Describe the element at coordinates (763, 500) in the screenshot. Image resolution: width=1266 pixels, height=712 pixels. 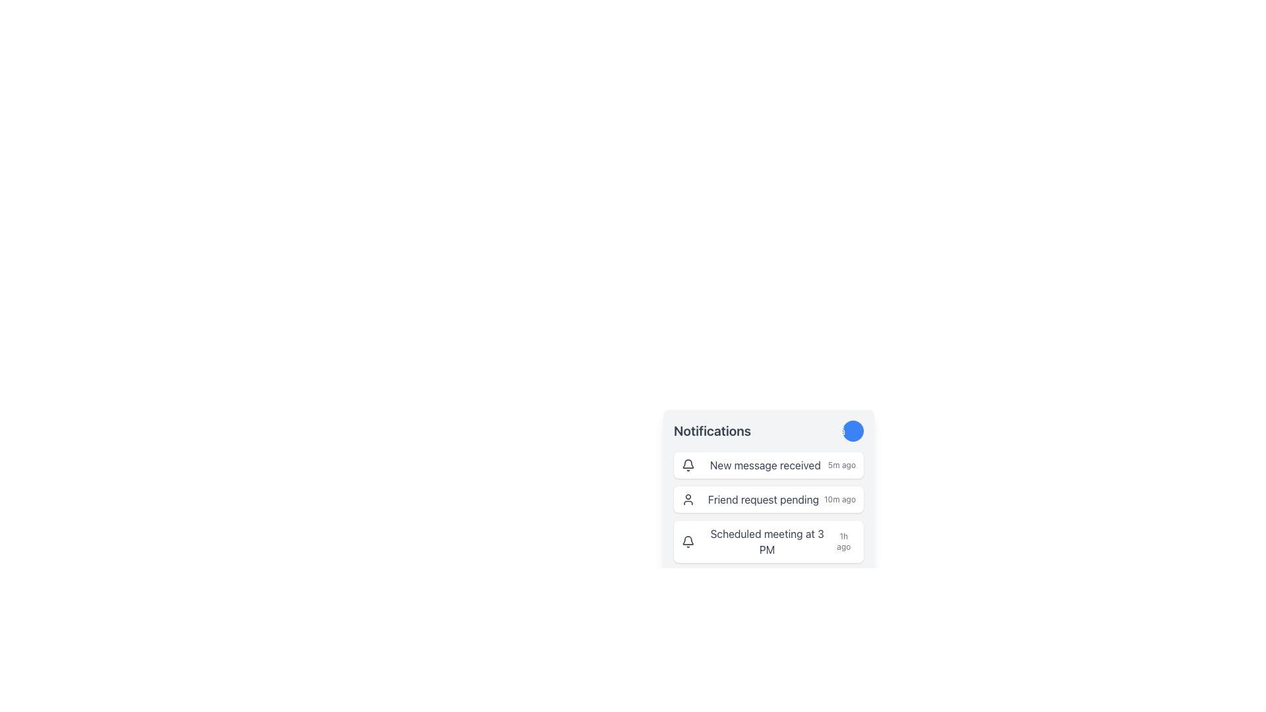
I see `the text label displaying 'Friend request pending' located in the second notification card of the notification panel, positioned to the right of the user silhouette icon` at that location.